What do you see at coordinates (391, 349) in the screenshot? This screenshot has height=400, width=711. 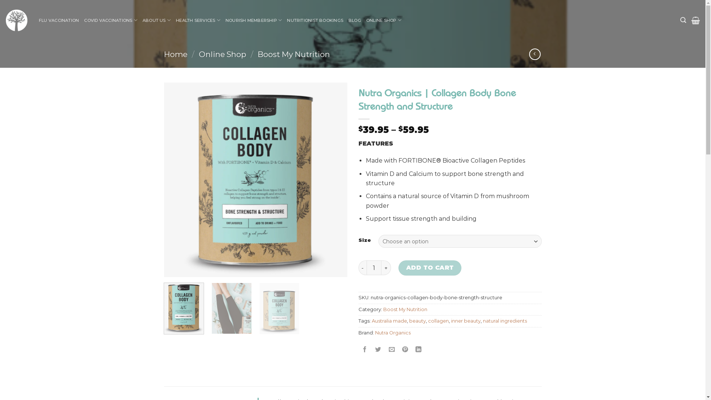 I see `'Email to a Friend'` at bounding box center [391, 349].